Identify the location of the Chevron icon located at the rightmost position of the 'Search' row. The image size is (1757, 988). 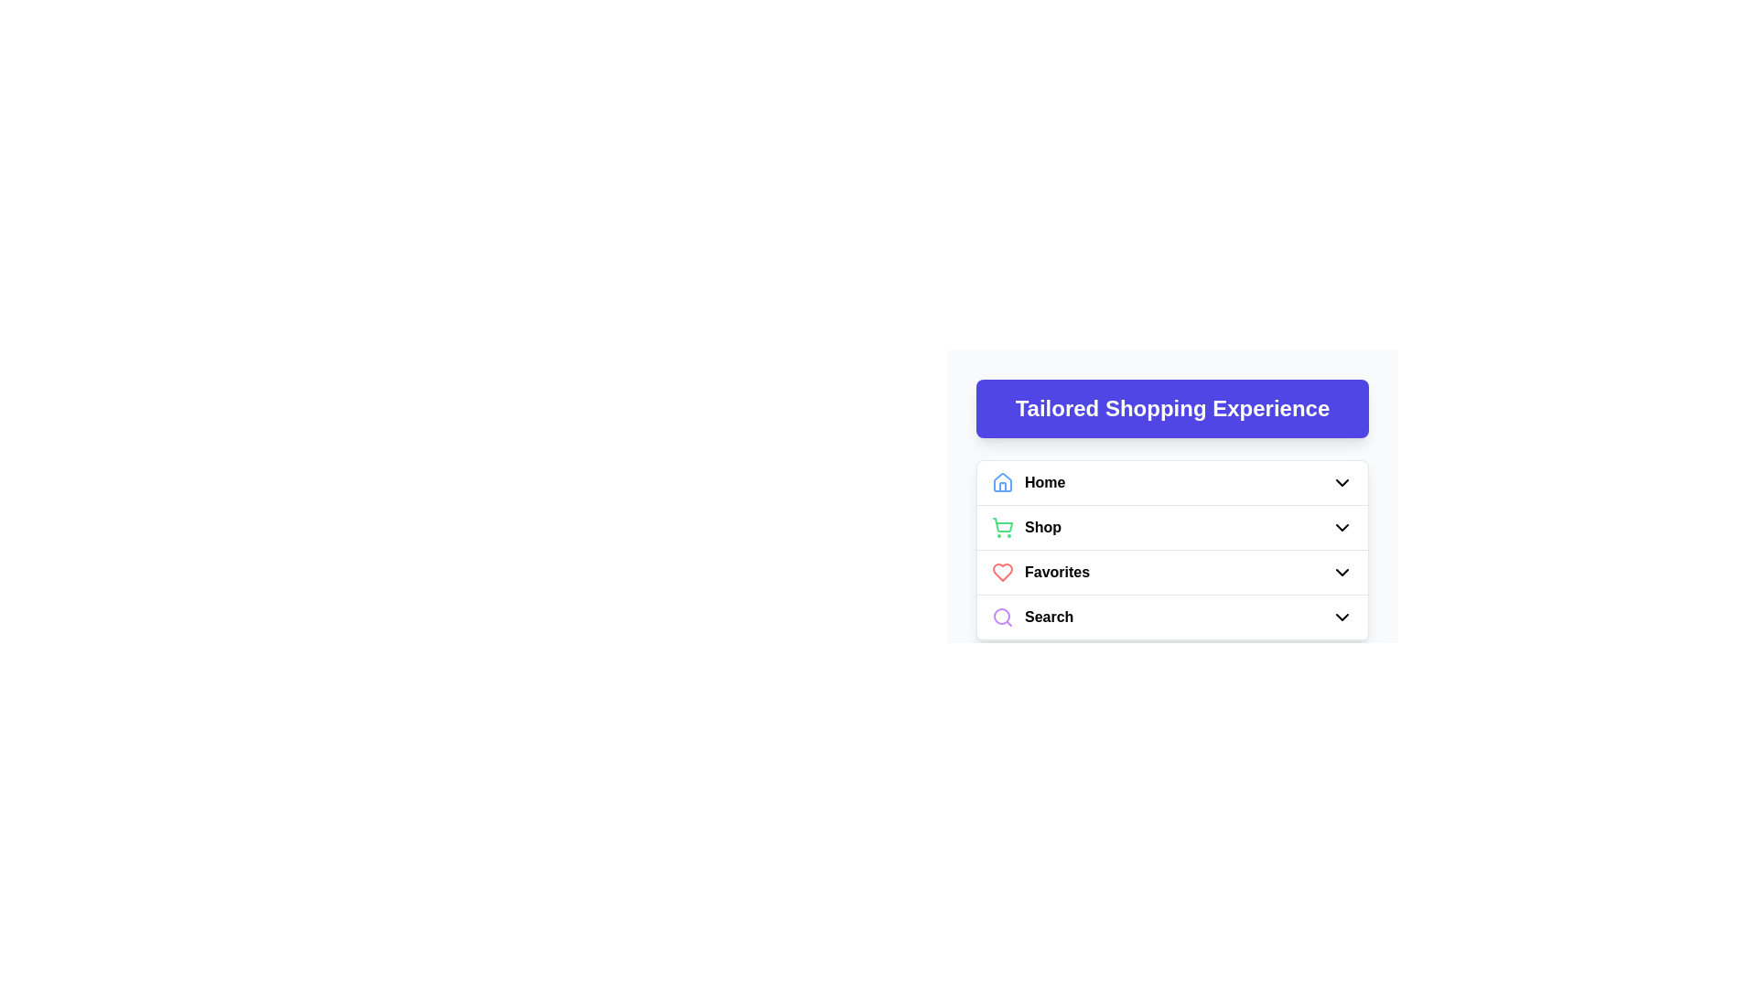
(1342, 617).